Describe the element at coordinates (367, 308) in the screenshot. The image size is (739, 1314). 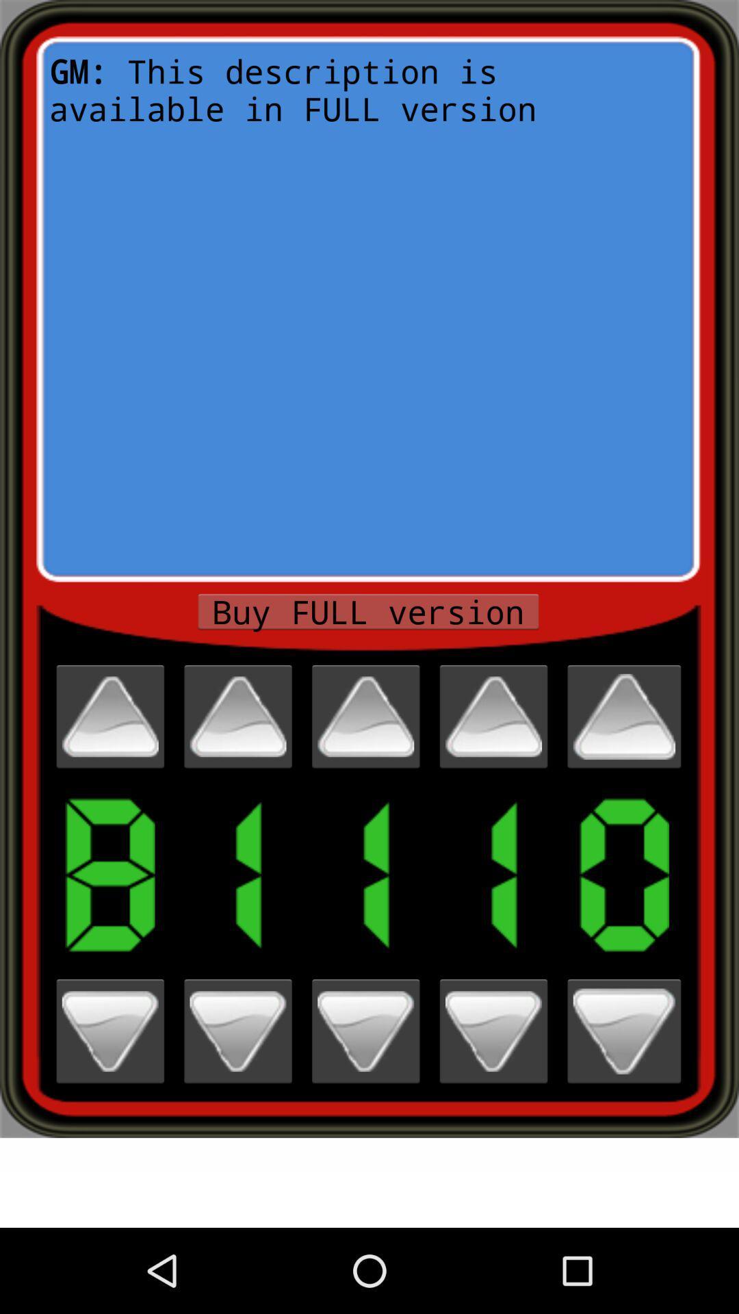
I see `icon above the buy full version` at that location.